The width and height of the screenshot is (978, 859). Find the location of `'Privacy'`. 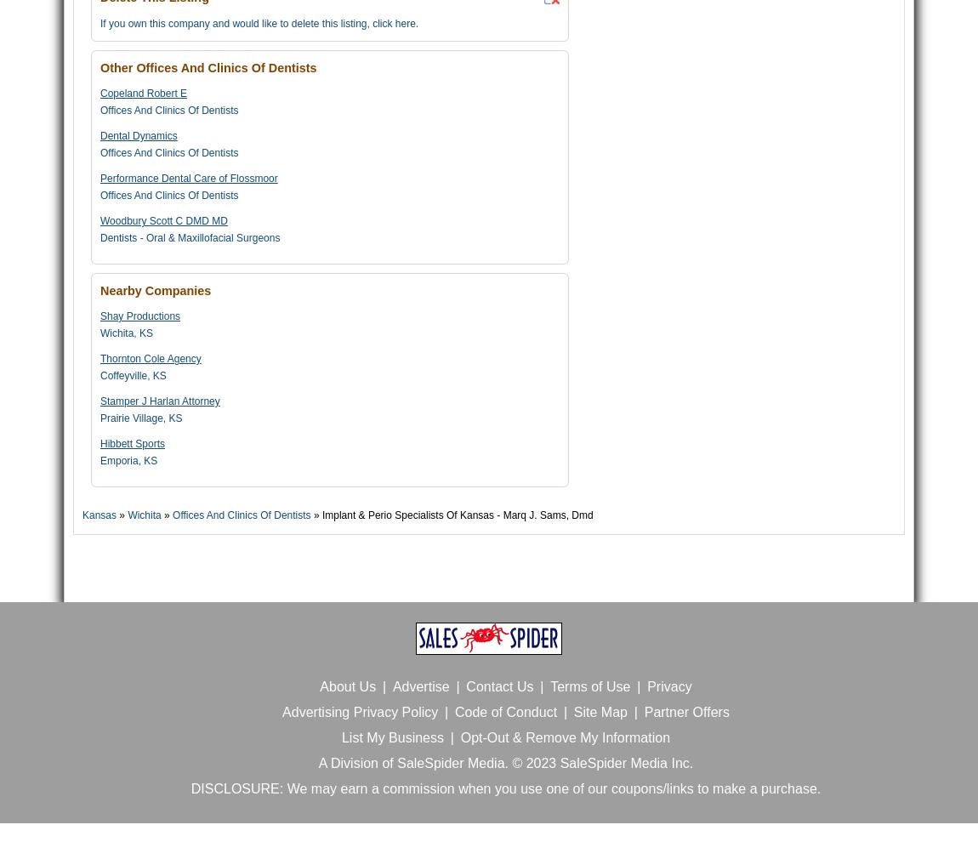

'Privacy' is located at coordinates (668, 686).